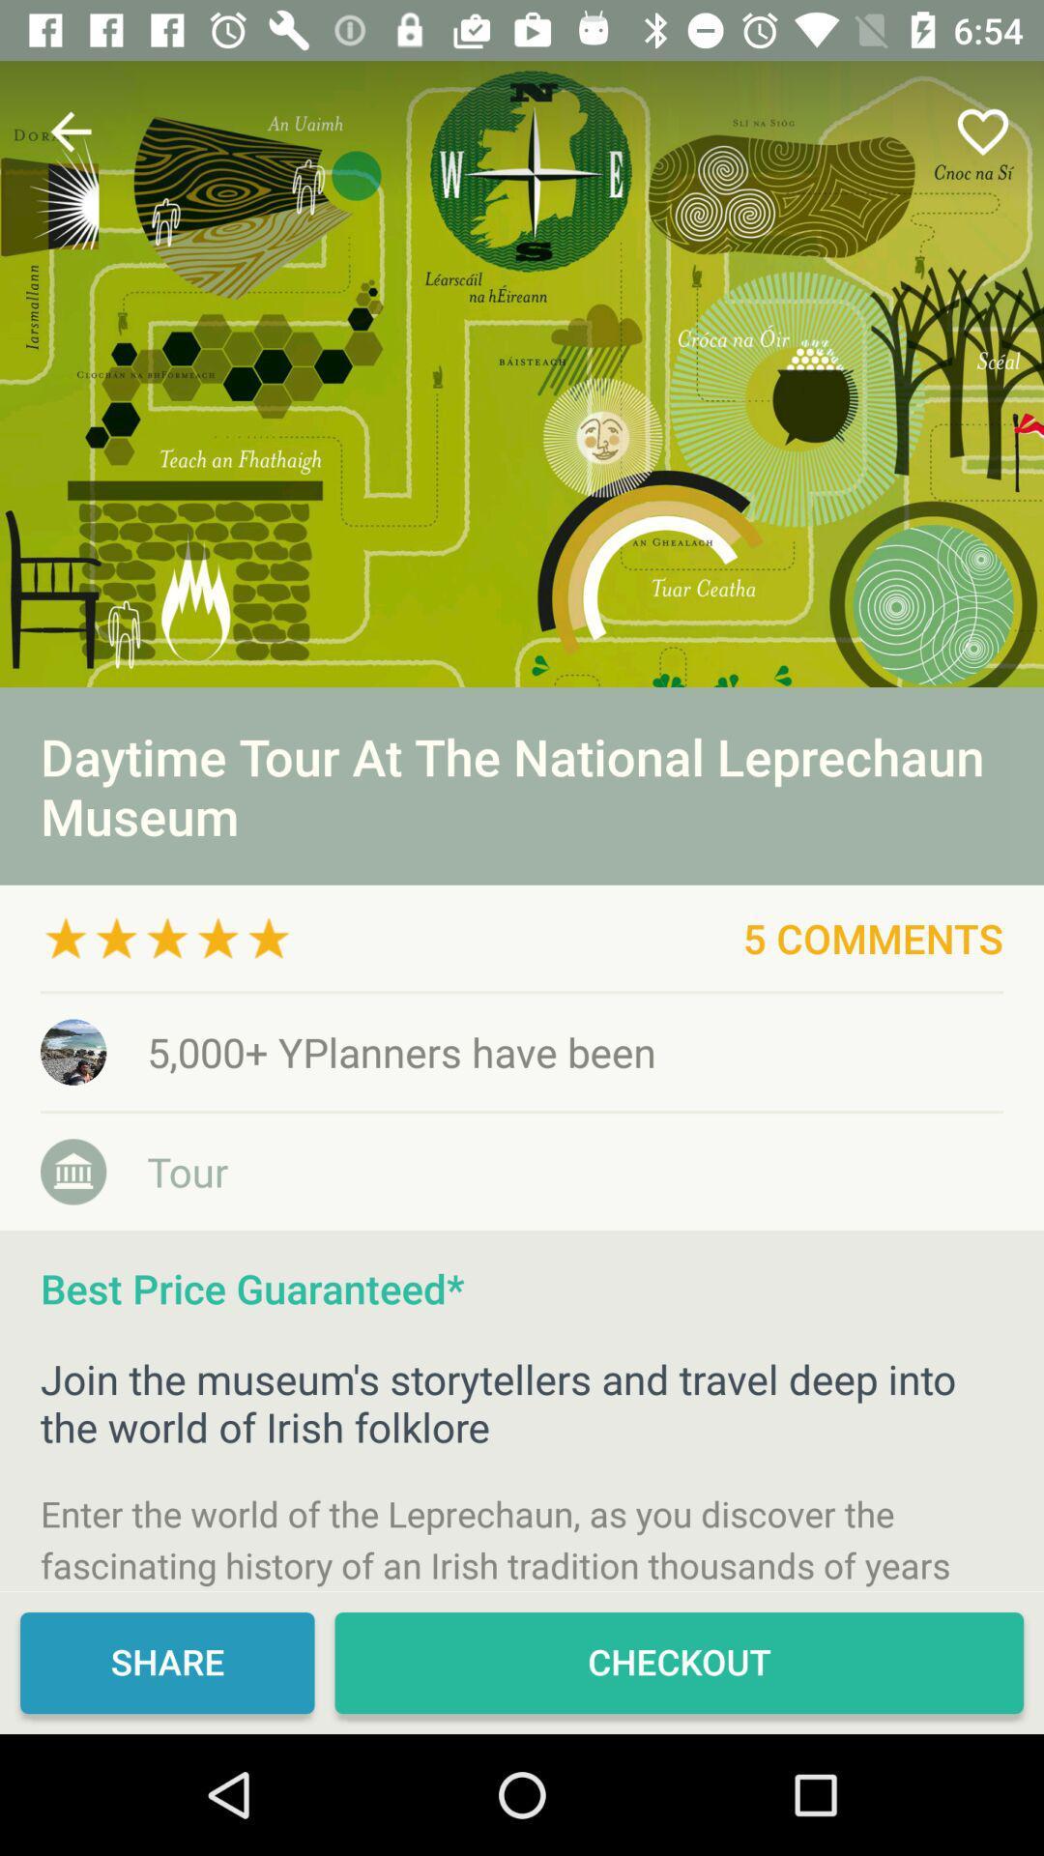 The image size is (1044, 1856). Describe the element at coordinates (70, 130) in the screenshot. I see `the icon at the top left corner` at that location.